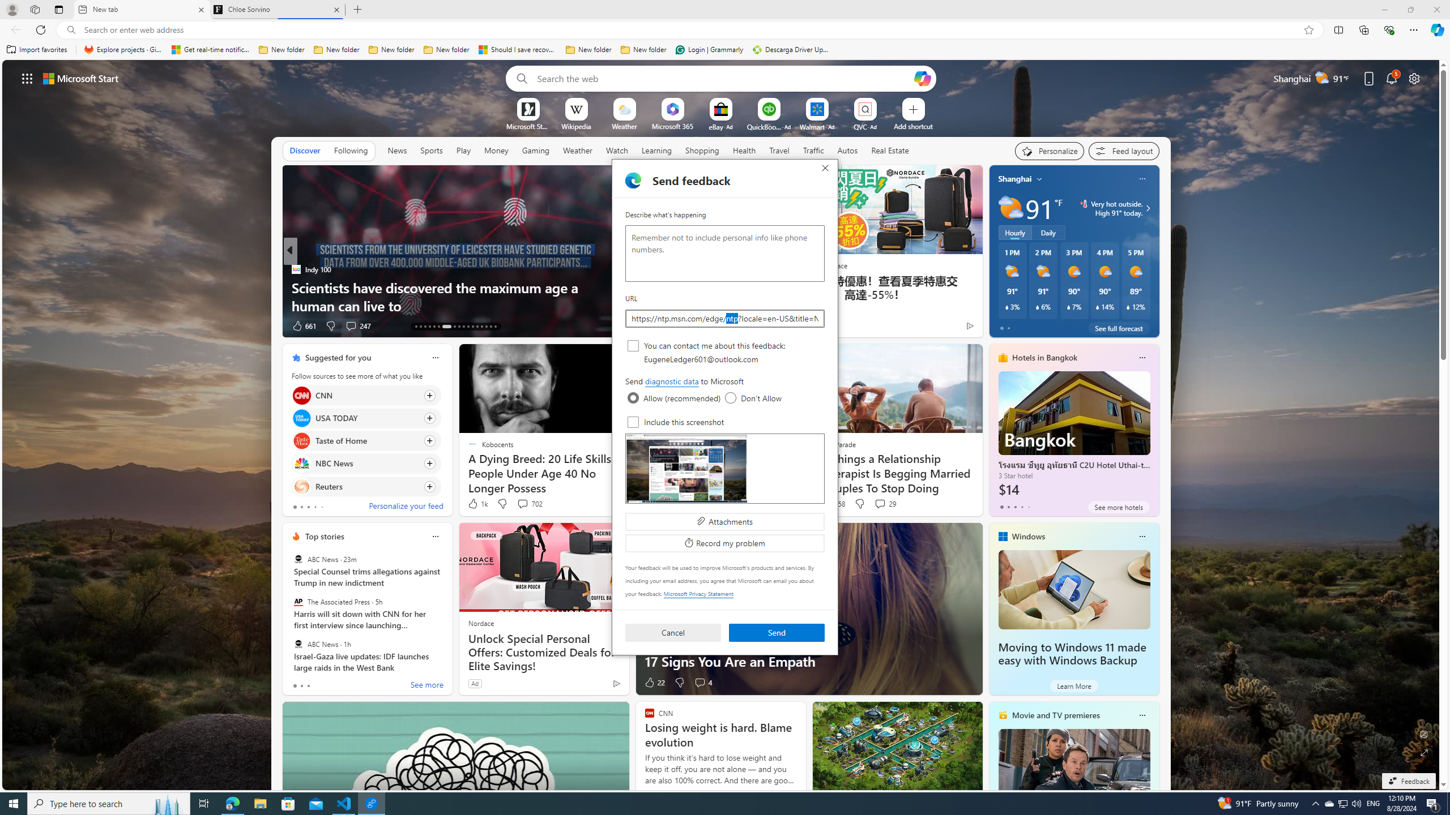 This screenshot has height=815, width=1450. Describe the element at coordinates (672, 633) in the screenshot. I see `'Cancel'` at that location.